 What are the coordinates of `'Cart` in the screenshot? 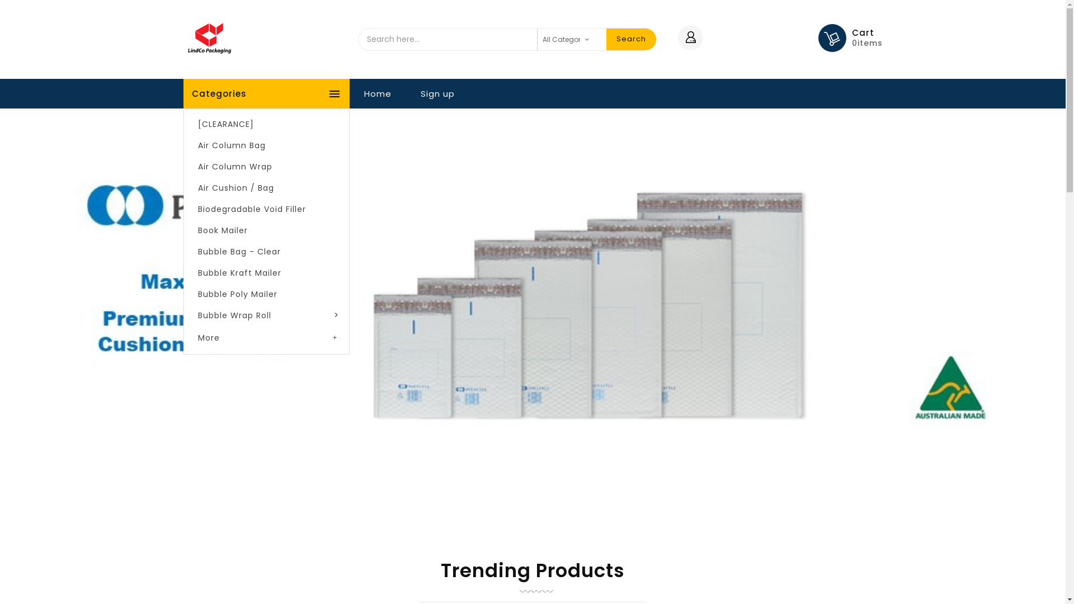 It's located at (866, 37).